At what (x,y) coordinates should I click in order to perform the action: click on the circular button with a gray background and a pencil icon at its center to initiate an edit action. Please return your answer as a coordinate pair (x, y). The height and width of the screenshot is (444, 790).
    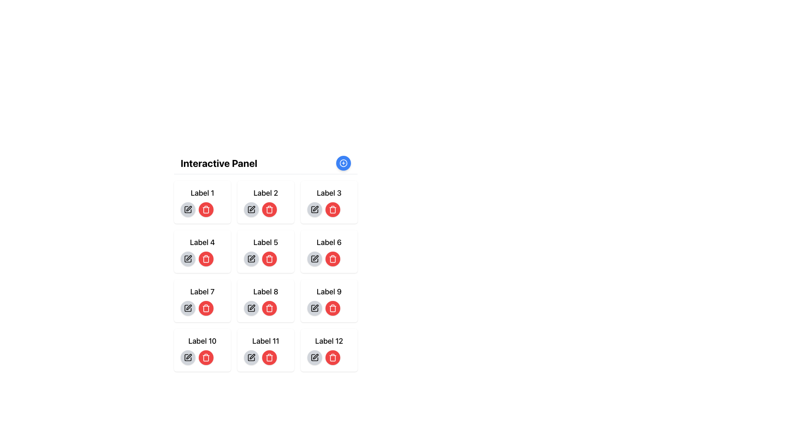
    Looking at the image, I should click on (187, 357).